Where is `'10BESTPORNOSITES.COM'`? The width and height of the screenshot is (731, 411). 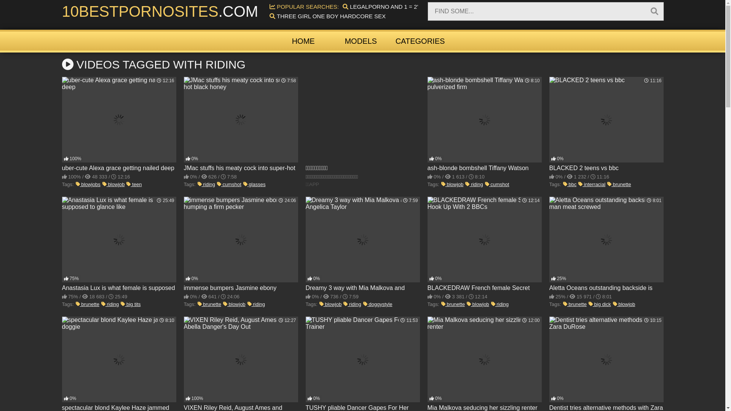 '10BESTPORNOSITES.COM' is located at coordinates (160, 11).